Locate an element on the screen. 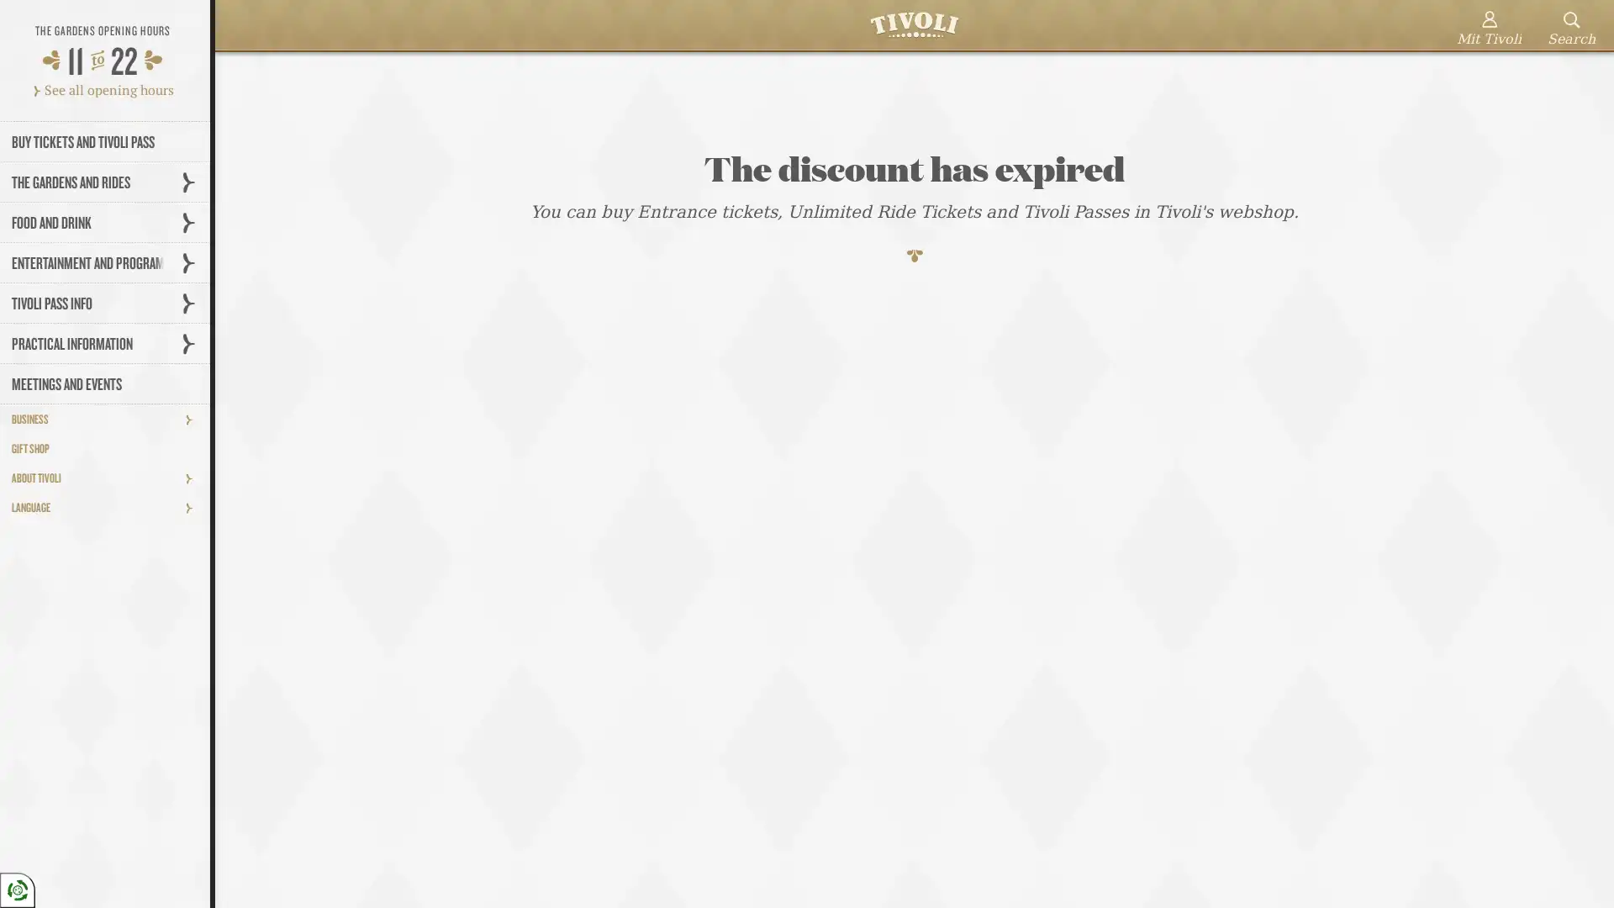 The image size is (1614, 908). Language is located at coordinates (193, 506).